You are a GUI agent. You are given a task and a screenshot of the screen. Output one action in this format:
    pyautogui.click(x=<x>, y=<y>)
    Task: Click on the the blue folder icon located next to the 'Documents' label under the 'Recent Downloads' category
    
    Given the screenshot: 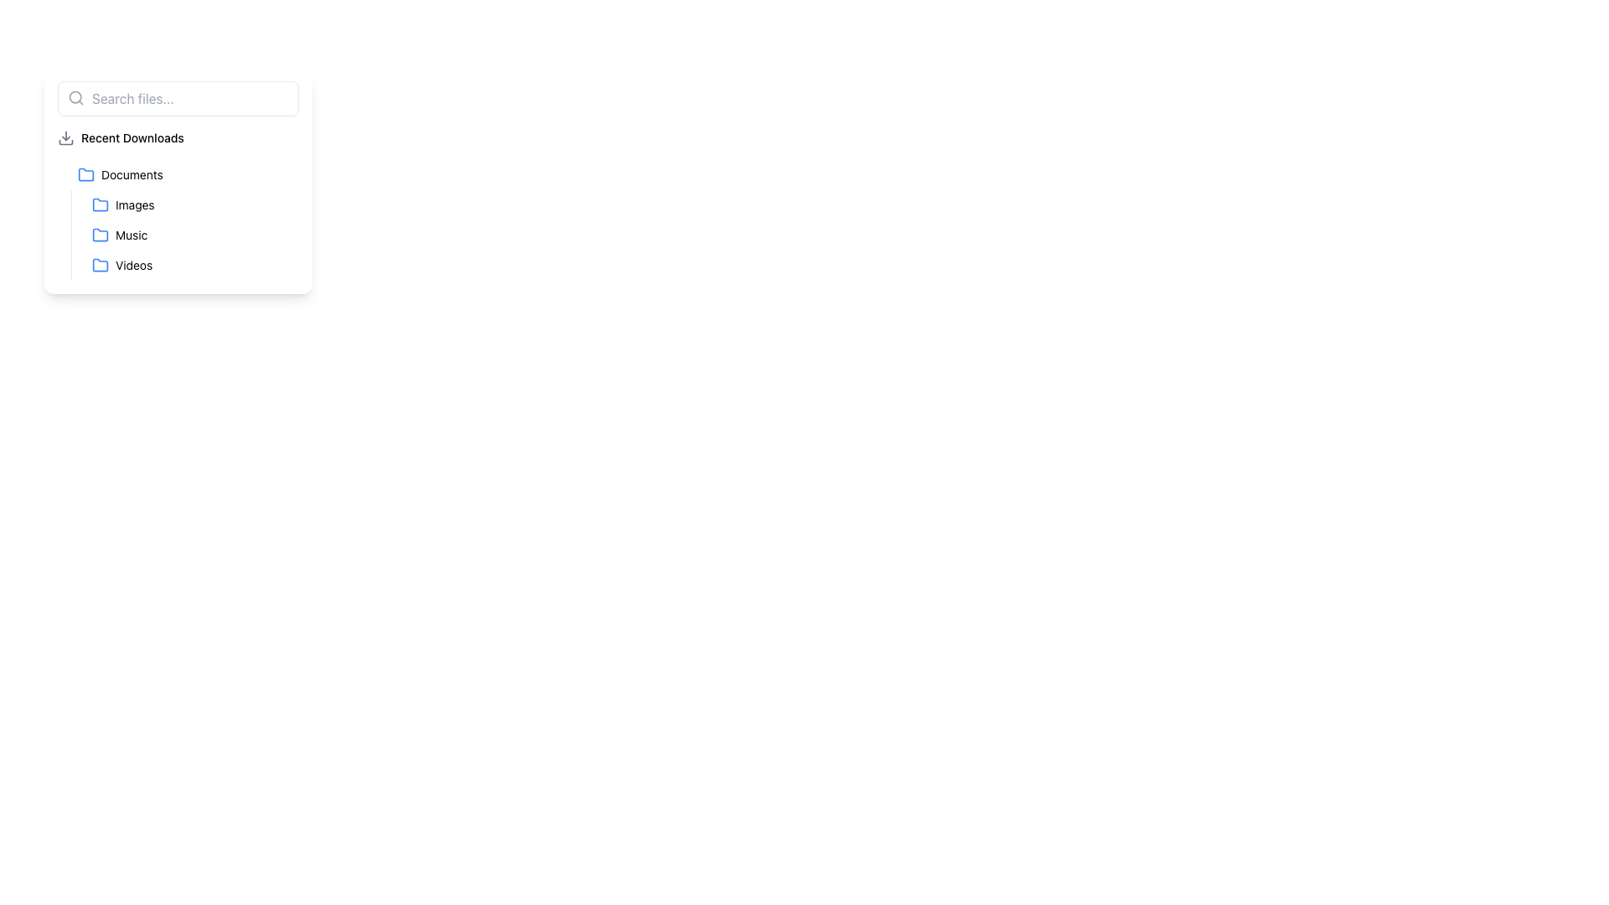 What is the action you would take?
    pyautogui.click(x=85, y=174)
    